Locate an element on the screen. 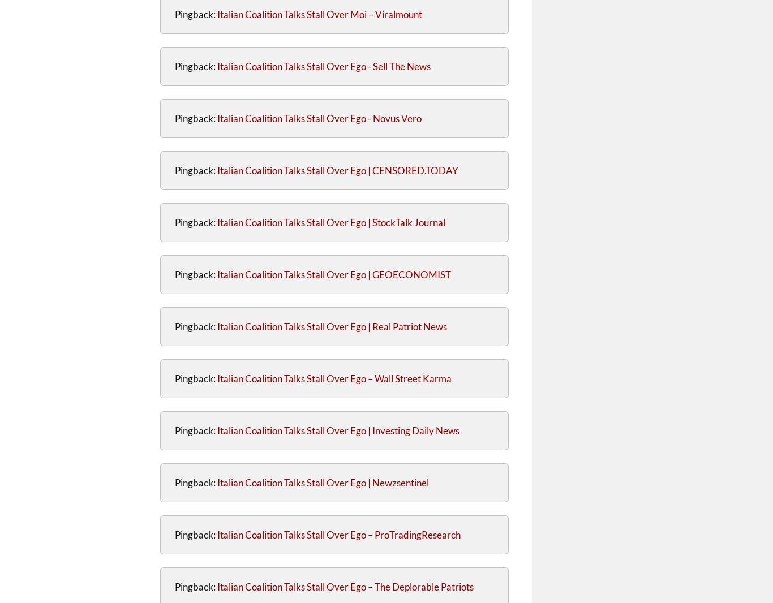 Image resolution: width=773 pixels, height=603 pixels. 'Italian Coalition Talks Stall Over Ego | CENSORED.TODAY' is located at coordinates (337, 170).